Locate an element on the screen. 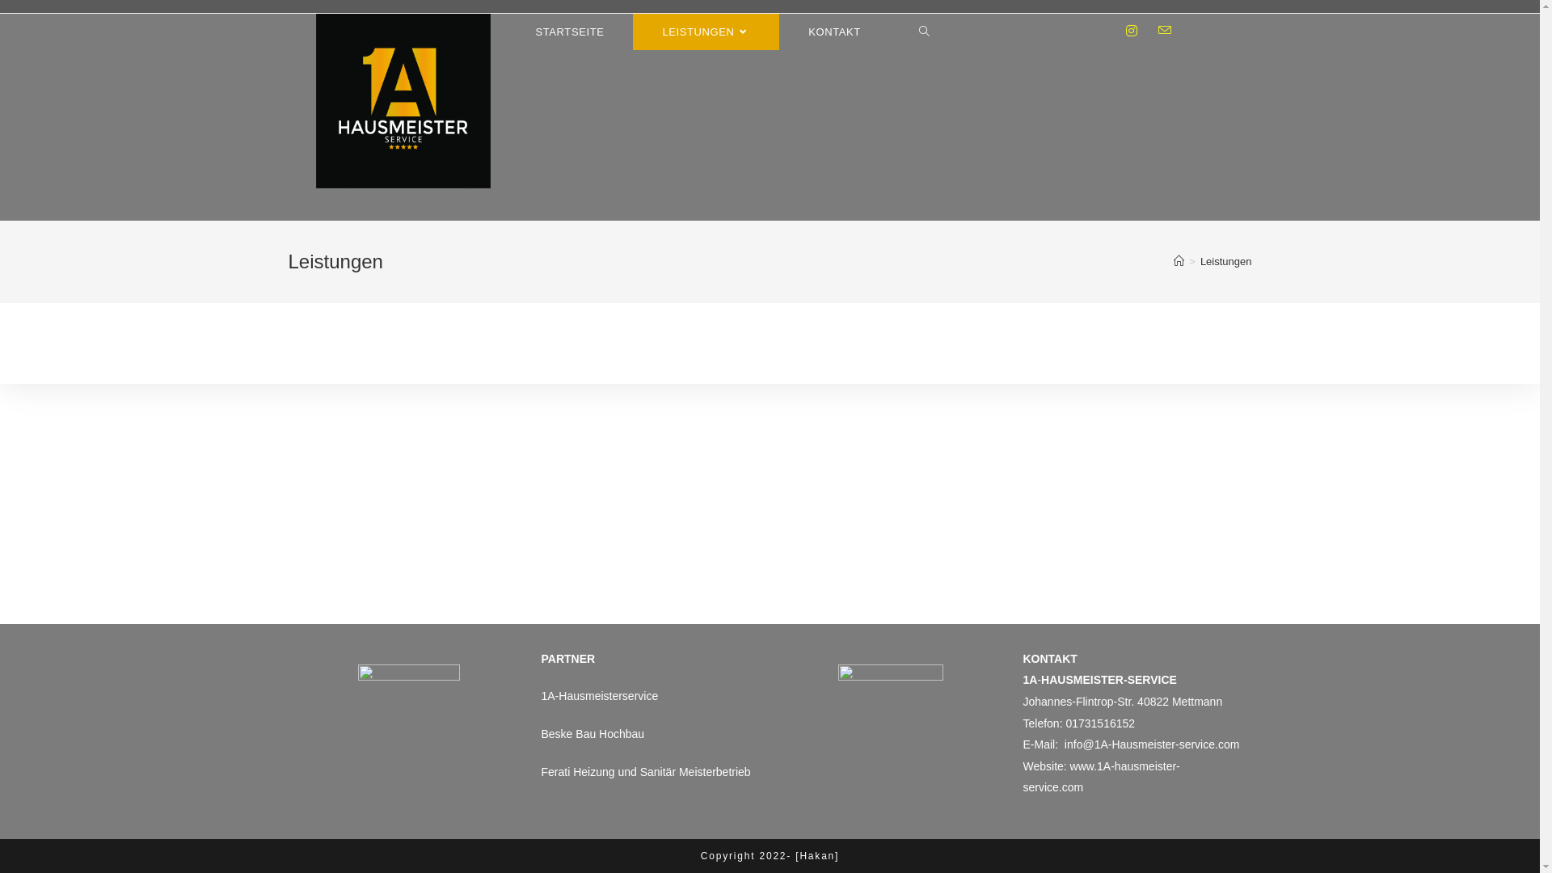 This screenshot has width=1552, height=873. 'info@1A-Hausmeister-service.com' is located at coordinates (1151, 744).